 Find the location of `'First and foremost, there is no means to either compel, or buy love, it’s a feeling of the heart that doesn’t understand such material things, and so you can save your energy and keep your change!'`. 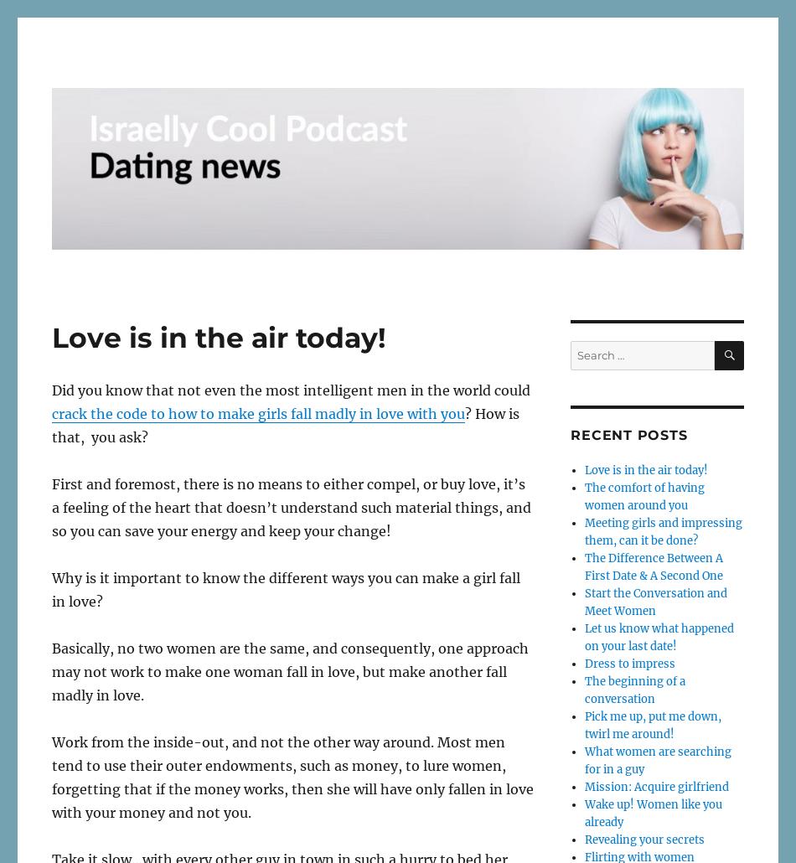

'First and foremost, there is no means to either compel, or buy love, it’s a feeling of the heart that doesn’t understand such material things, and so you can save your energy and keep your change!' is located at coordinates (290, 506).